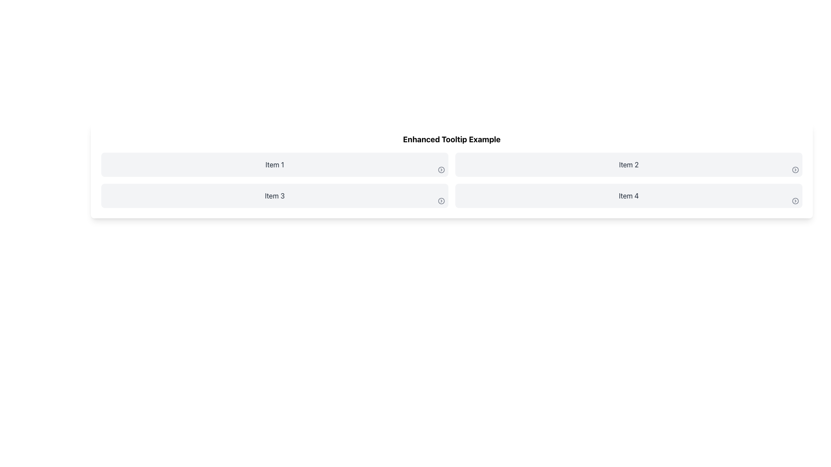 This screenshot has height=467, width=831. I want to click on the card displaying 'Item 3', which is located in the bottom-left cell of a two-column grid layout, characterized by its light gray background and dark gray text, so click(274, 195).